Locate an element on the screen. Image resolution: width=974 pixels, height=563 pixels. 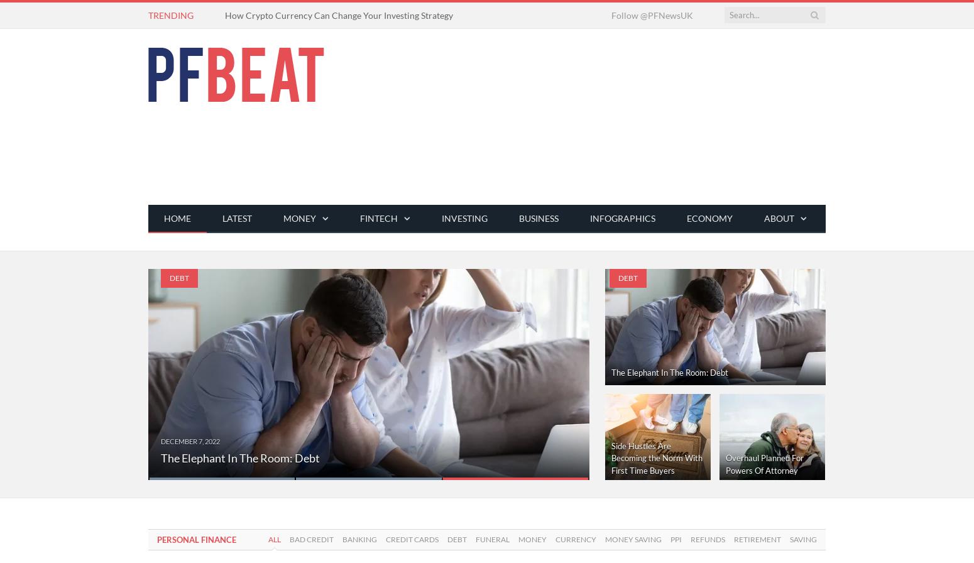
'Debt' is located at coordinates (447, 539).